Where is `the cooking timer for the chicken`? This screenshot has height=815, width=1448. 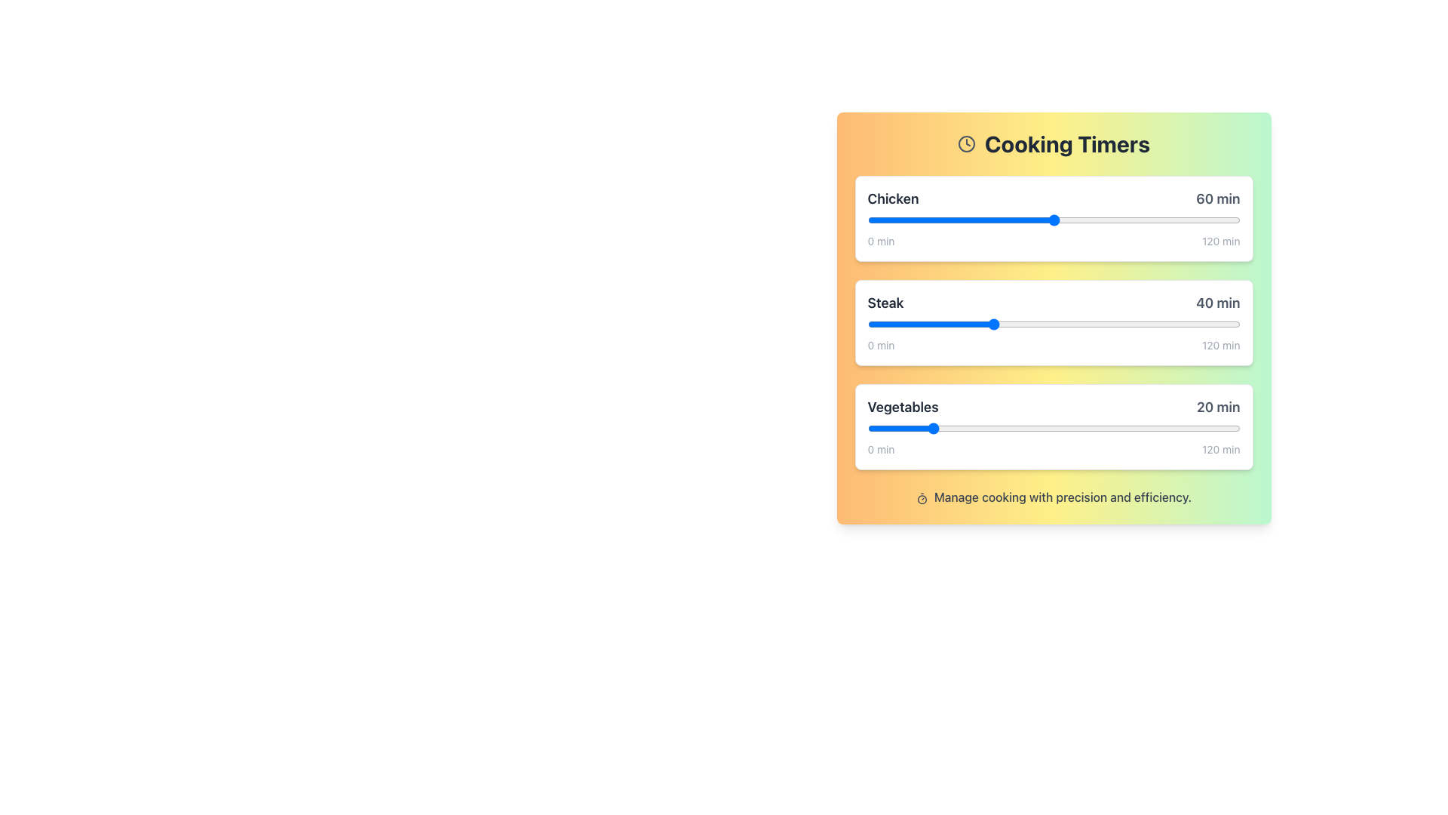
the cooking timer for the chicken is located at coordinates (947, 220).